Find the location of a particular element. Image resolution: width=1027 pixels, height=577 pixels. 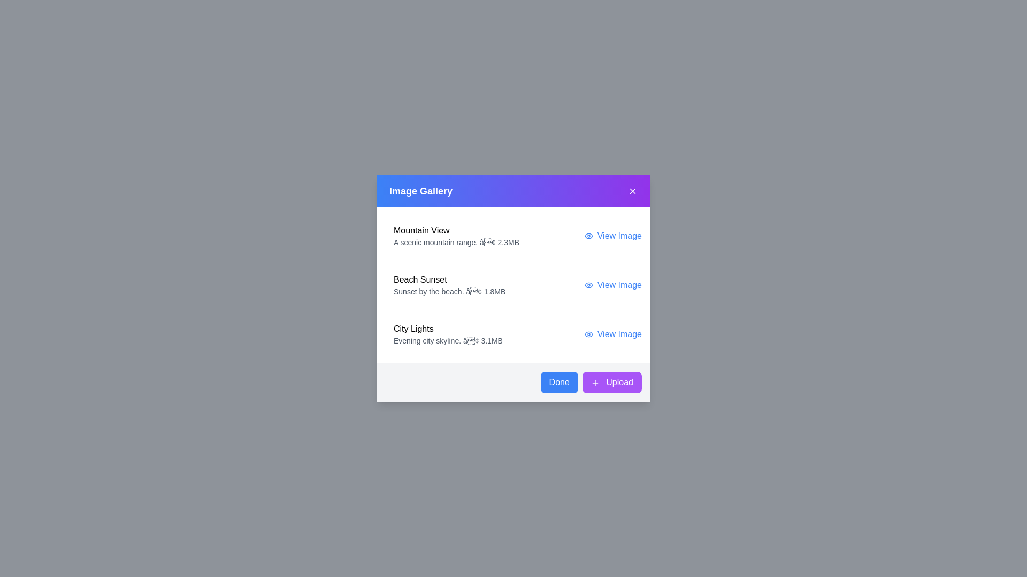

the 'View Image' link for the image titled 'Beach Sunset' is located at coordinates (613, 284).